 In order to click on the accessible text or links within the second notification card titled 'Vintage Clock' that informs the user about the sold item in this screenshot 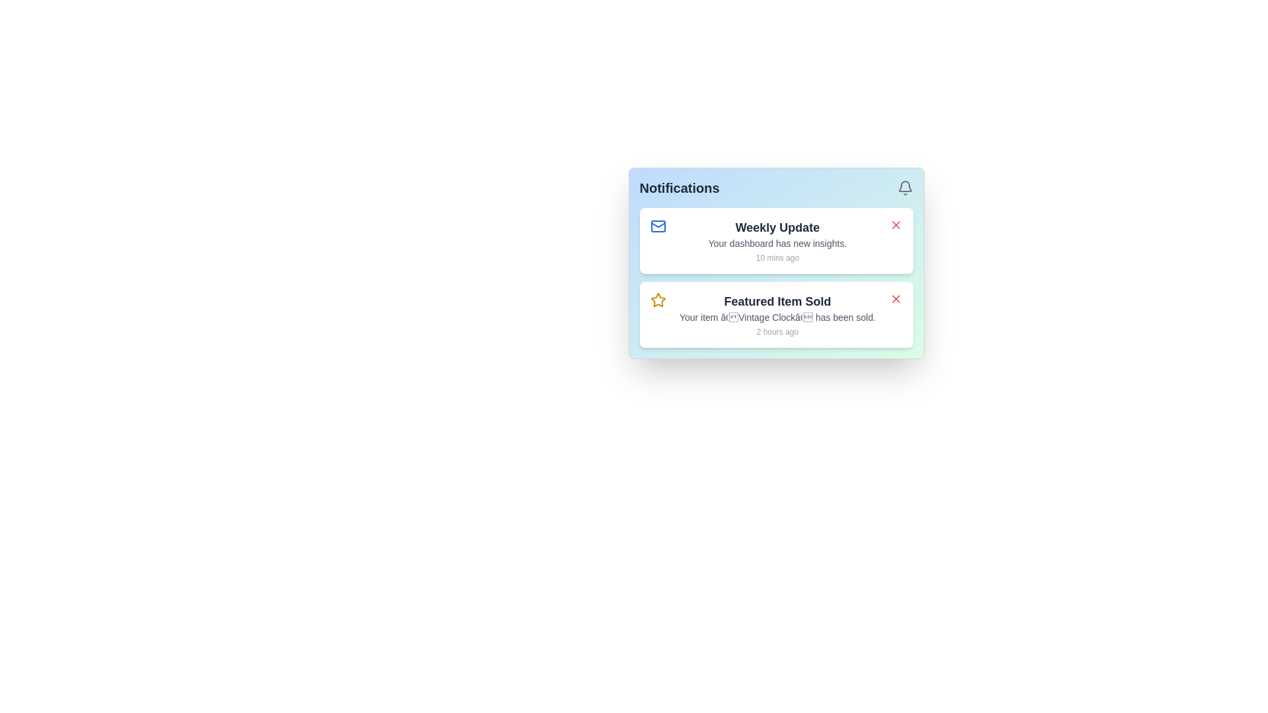, I will do `click(776, 304)`.